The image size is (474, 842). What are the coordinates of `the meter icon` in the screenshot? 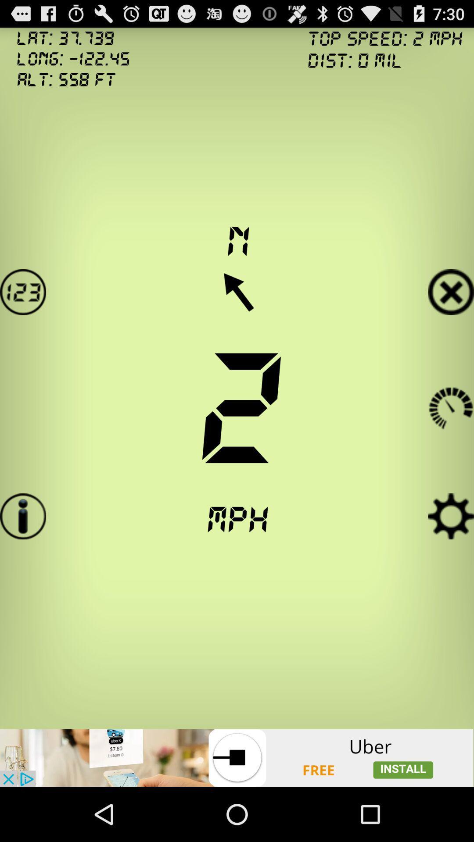 It's located at (451, 407).